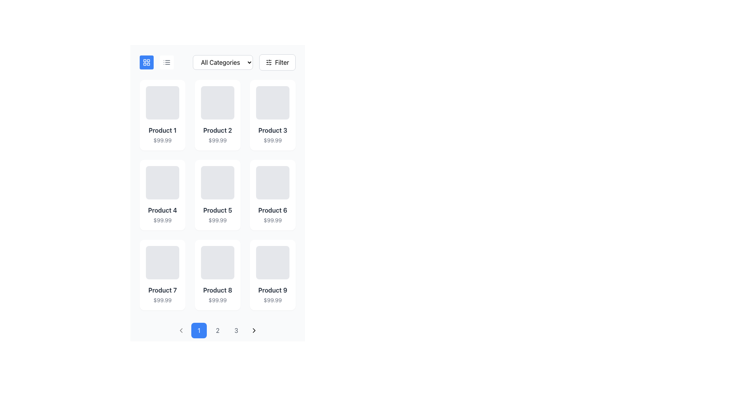 The width and height of the screenshot is (745, 419). I want to click on the Item card which serves as a visual representation of a product displaying its name and price information, located as the third item in the first row of a grid layout, so click(272, 115).